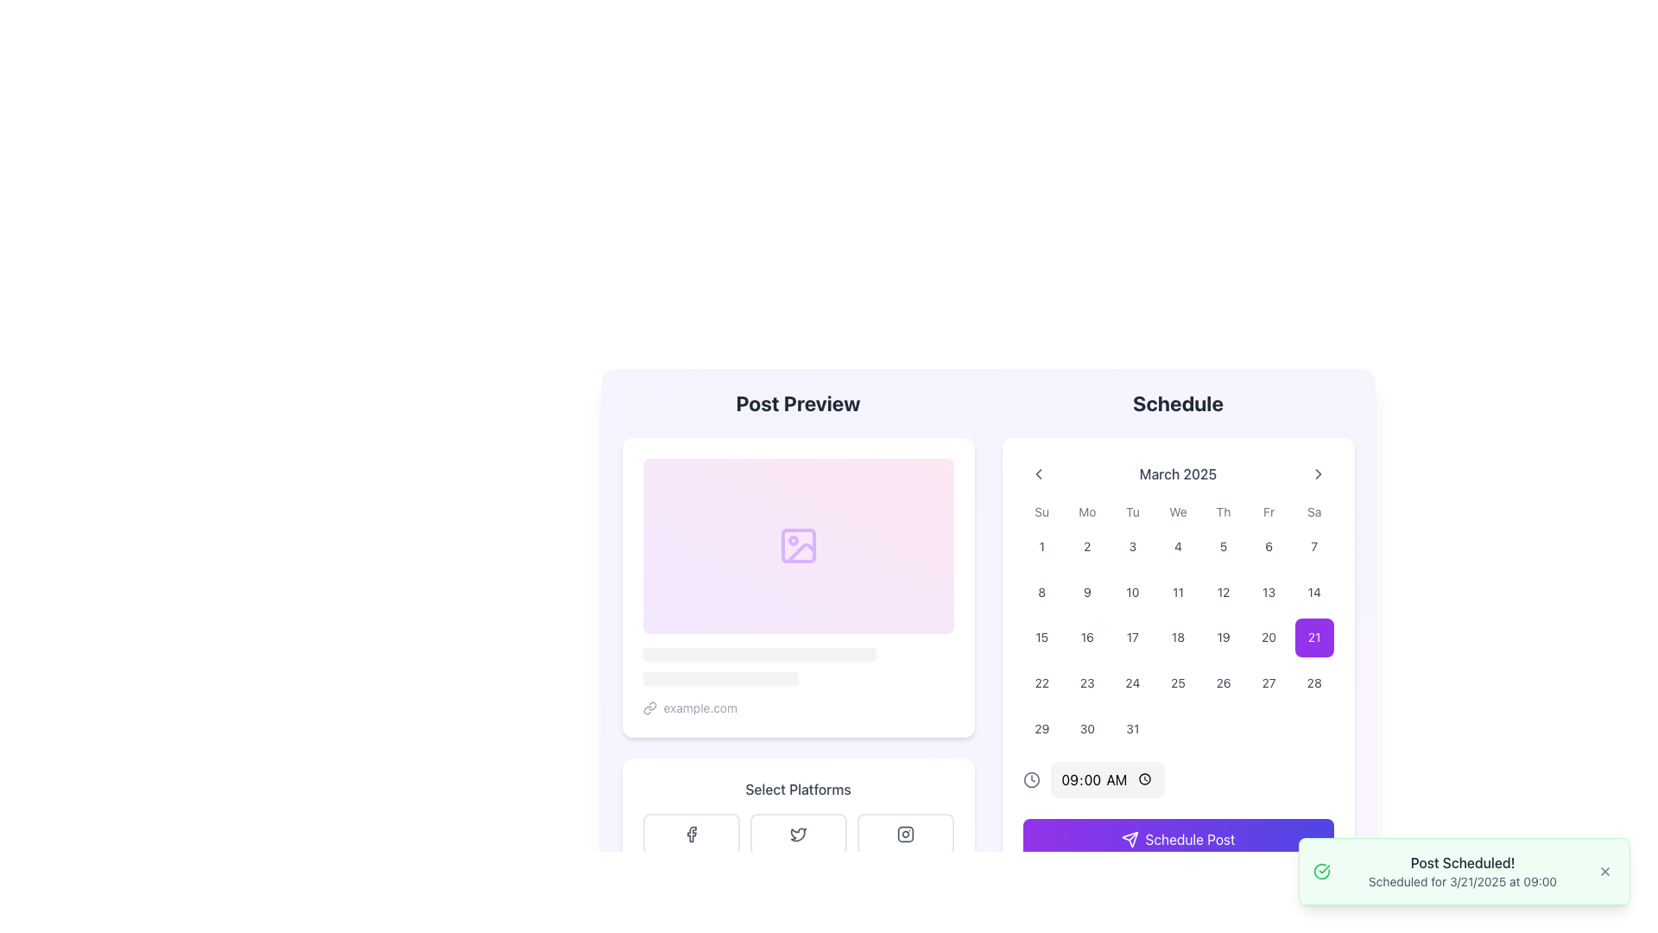 The width and height of the screenshot is (1658, 933). What do you see at coordinates (1177, 591) in the screenshot?
I see `the button displaying the number '11' in the calendar grid of the 'Schedule' section` at bounding box center [1177, 591].